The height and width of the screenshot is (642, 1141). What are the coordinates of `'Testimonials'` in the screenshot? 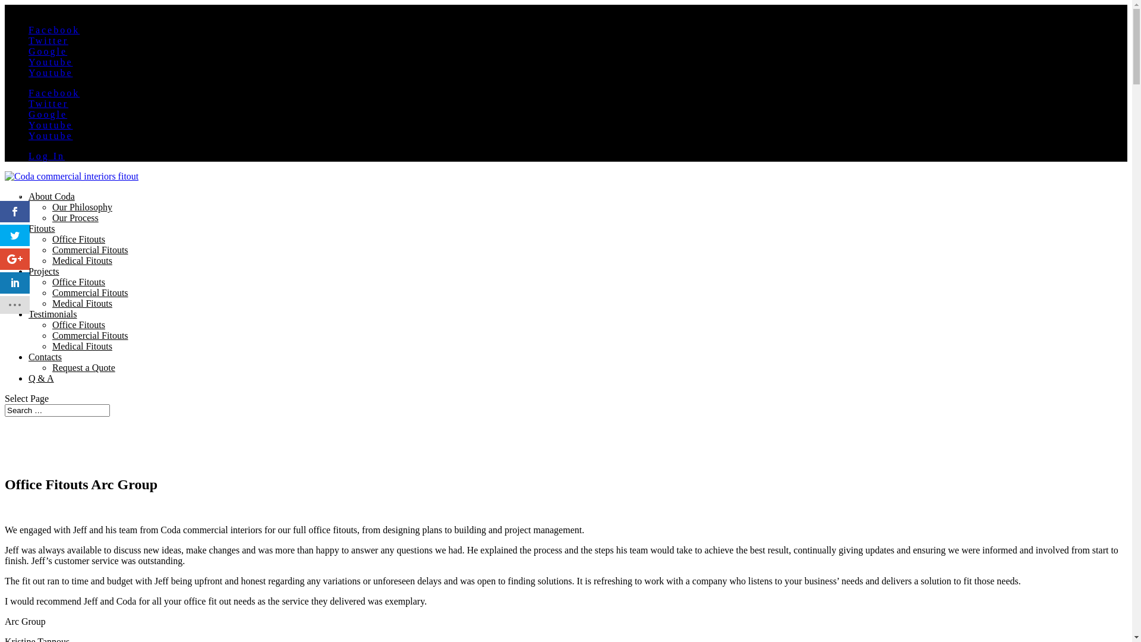 It's located at (52, 313).